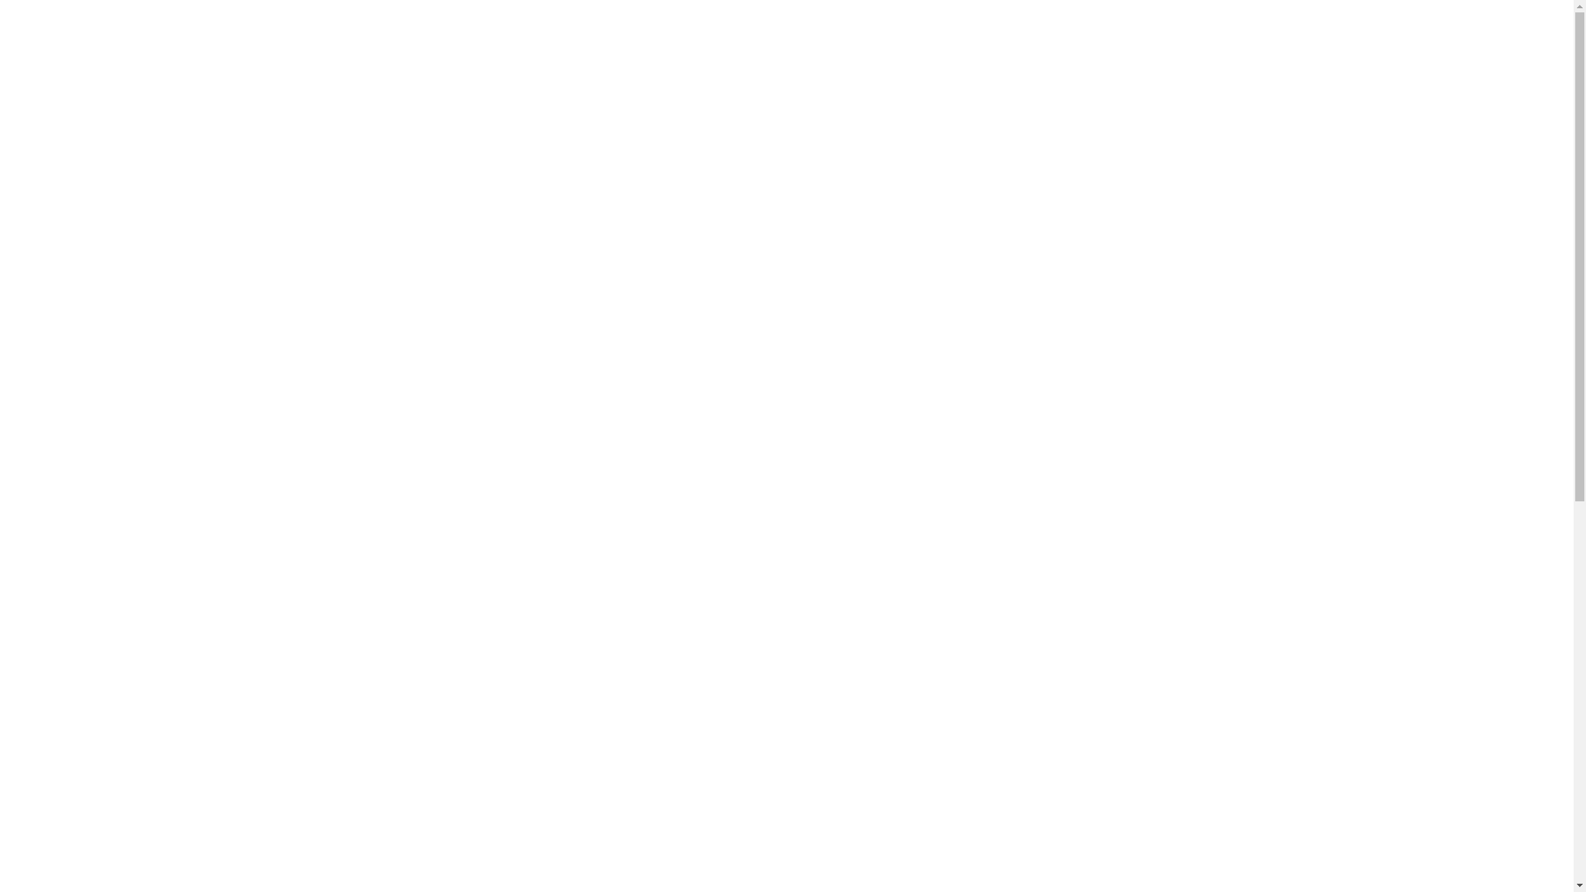  Describe the element at coordinates (1009, 98) in the screenshot. I see `'FAQ'` at that location.